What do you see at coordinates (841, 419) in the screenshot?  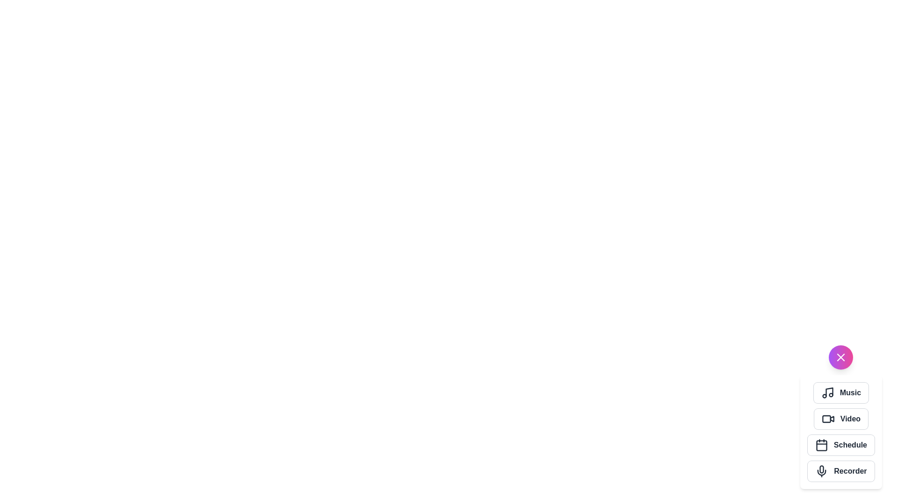 I see `the 'Video' button in the VibrantSpeedDial menu` at bounding box center [841, 419].